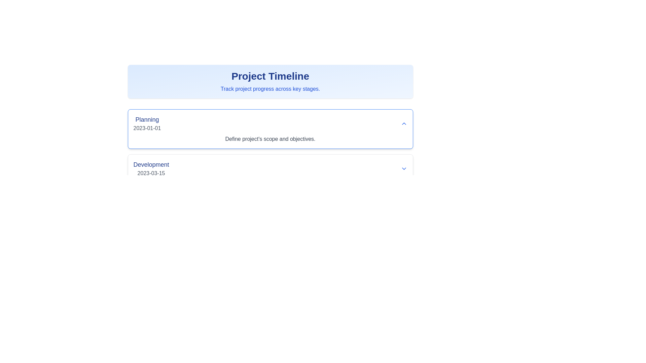  What do you see at coordinates (270, 138) in the screenshot?
I see `the Text Label that displays the phrase 'Define project's scope and objectives.' positioned within a card below the 'Planning' title` at bounding box center [270, 138].